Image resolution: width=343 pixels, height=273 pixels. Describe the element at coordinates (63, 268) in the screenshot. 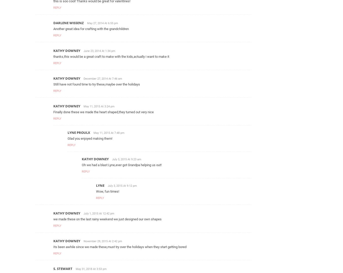

I see `'S. Stewart'` at that location.